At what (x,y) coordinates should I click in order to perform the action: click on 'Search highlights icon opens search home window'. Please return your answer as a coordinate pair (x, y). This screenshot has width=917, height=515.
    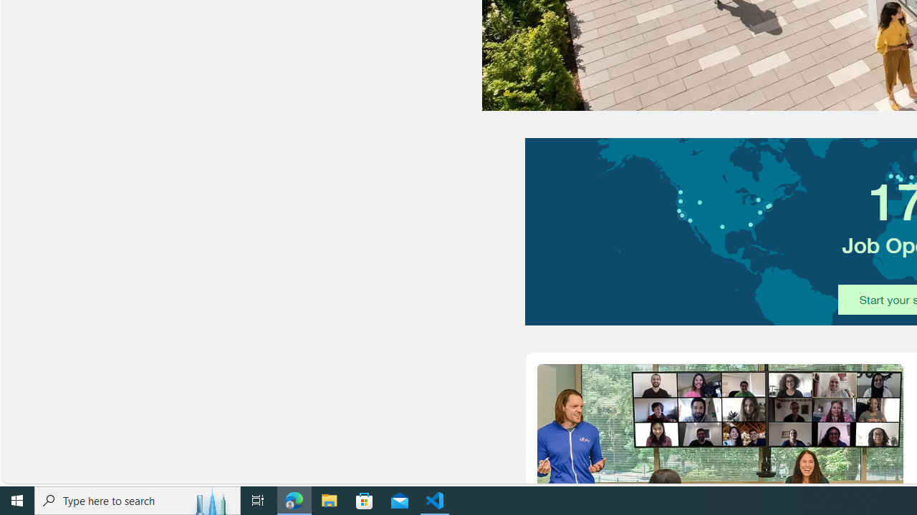
    Looking at the image, I should click on (211, 499).